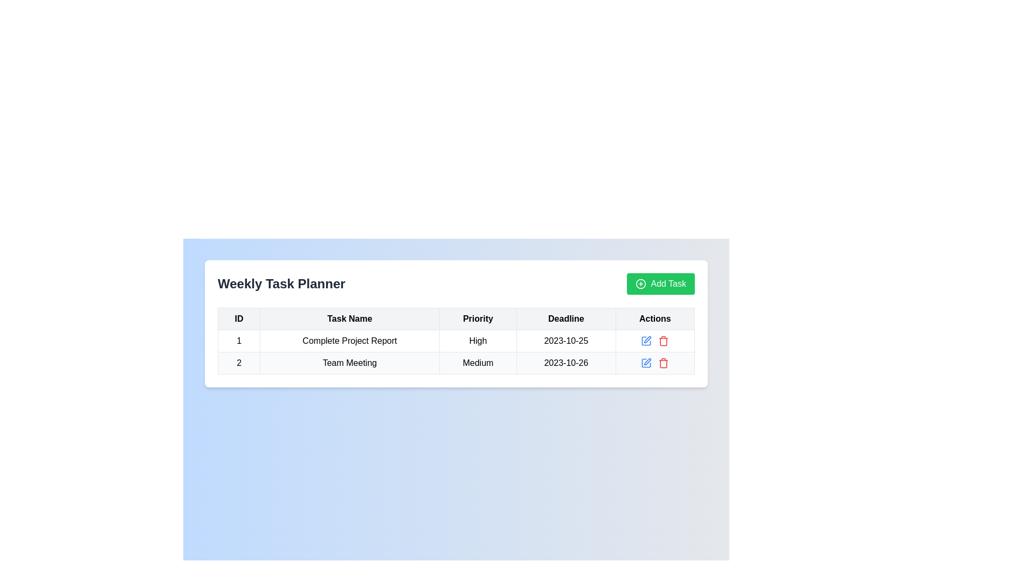 This screenshot has height=582, width=1035. What do you see at coordinates (646, 341) in the screenshot?
I see `the square outline of the SVG icon located in the 'Actions' column of the row labeled '1' to interact with the composite icon` at bounding box center [646, 341].